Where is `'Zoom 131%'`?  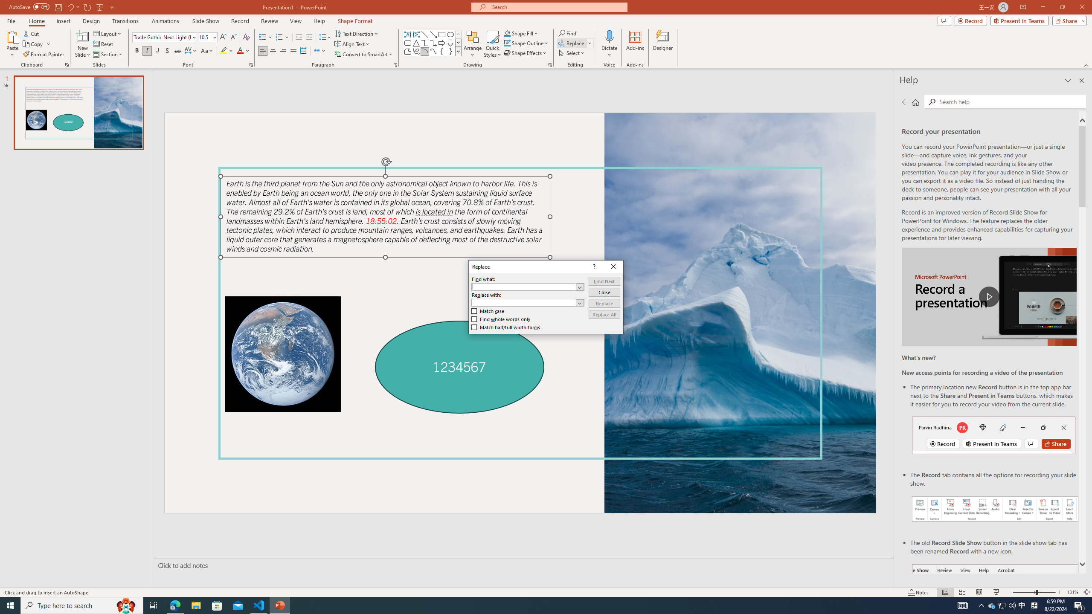
'Zoom 131%' is located at coordinates (1073, 592).